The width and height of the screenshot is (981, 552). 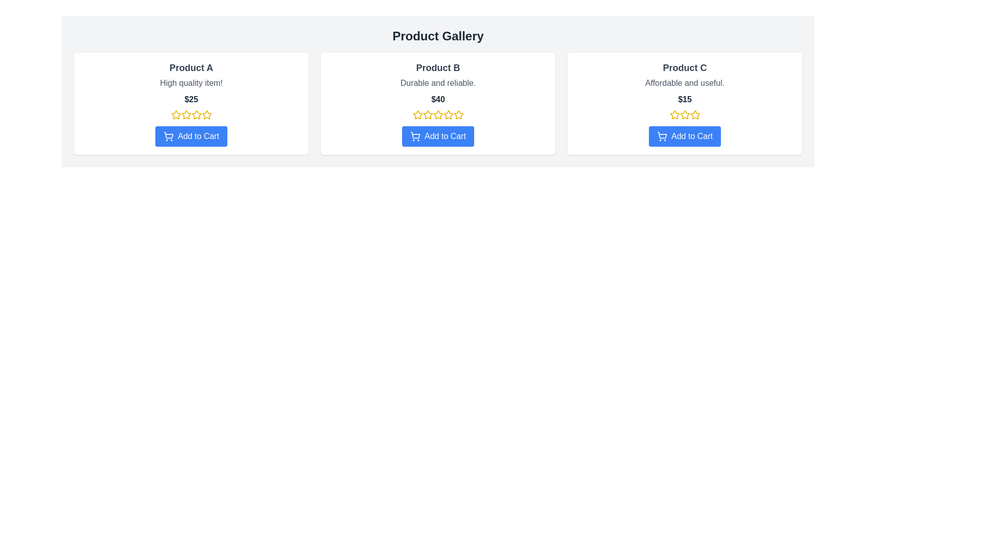 I want to click on the first star icon of the rating system for 'Product A', which is visually represented as a star shape and located between the '$25' text and the 'Add to Cart' button, so click(x=176, y=114).